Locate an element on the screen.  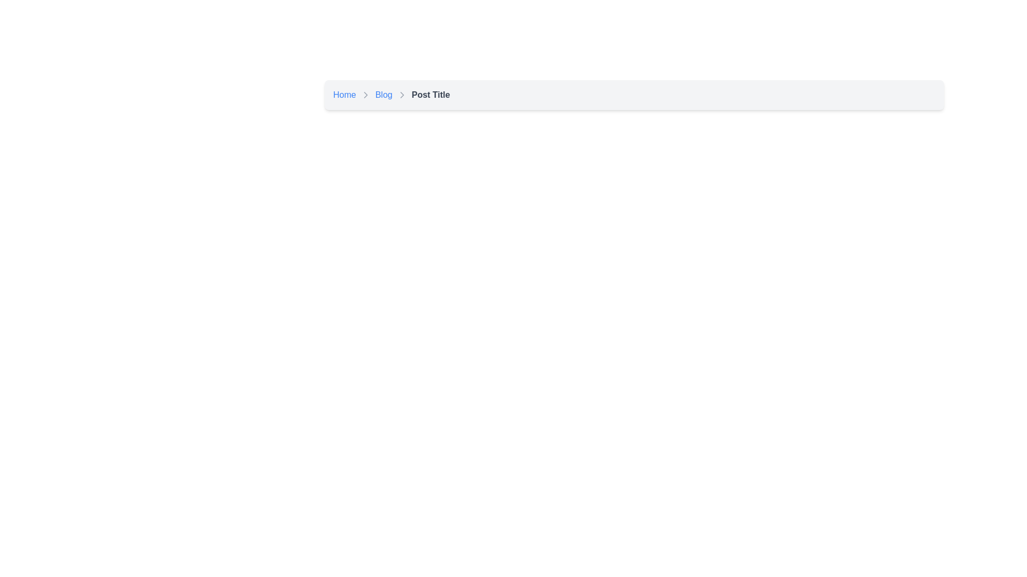
the chevron icon in the breadcrumb navigation bar that separates the 'Home' and 'Blog' text elements is located at coordinates (365, 94).